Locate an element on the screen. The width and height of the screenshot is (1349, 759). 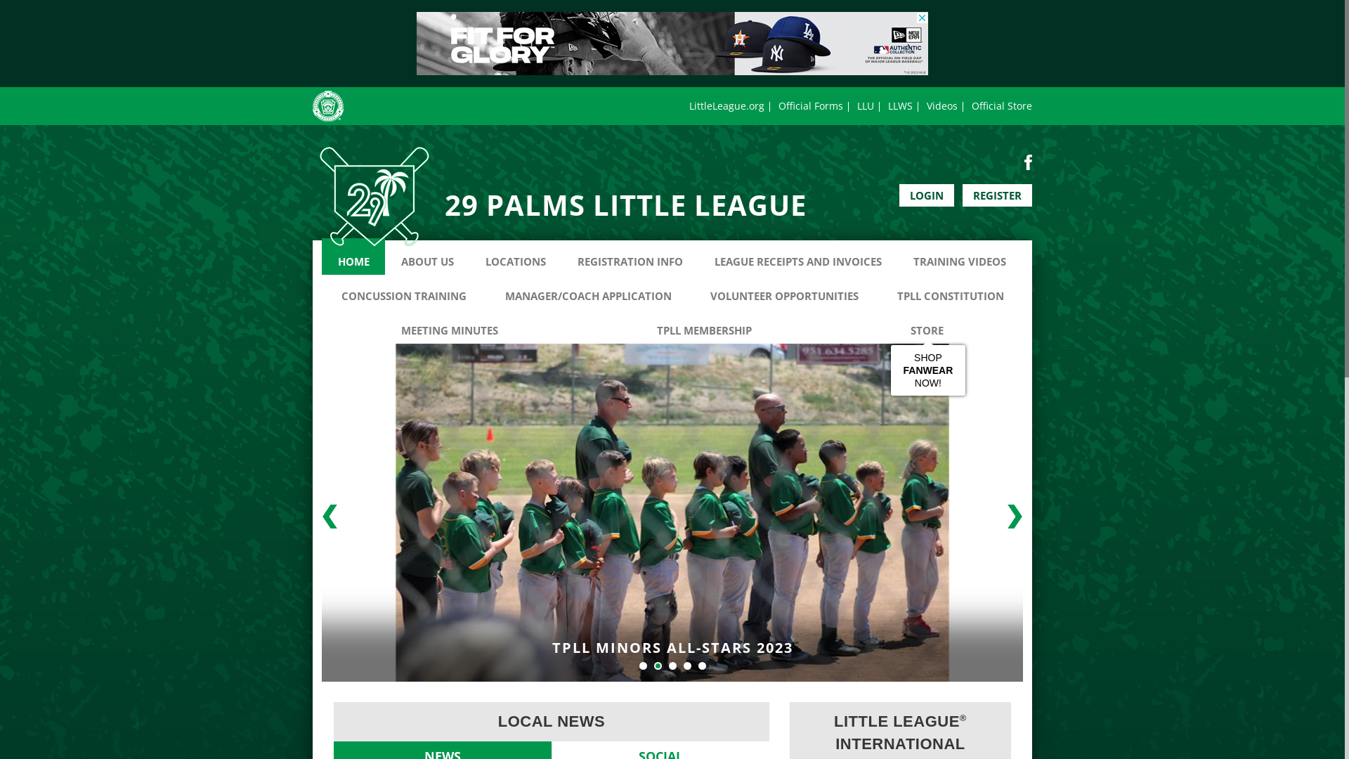
'<' is located at coordinates (329, 517).